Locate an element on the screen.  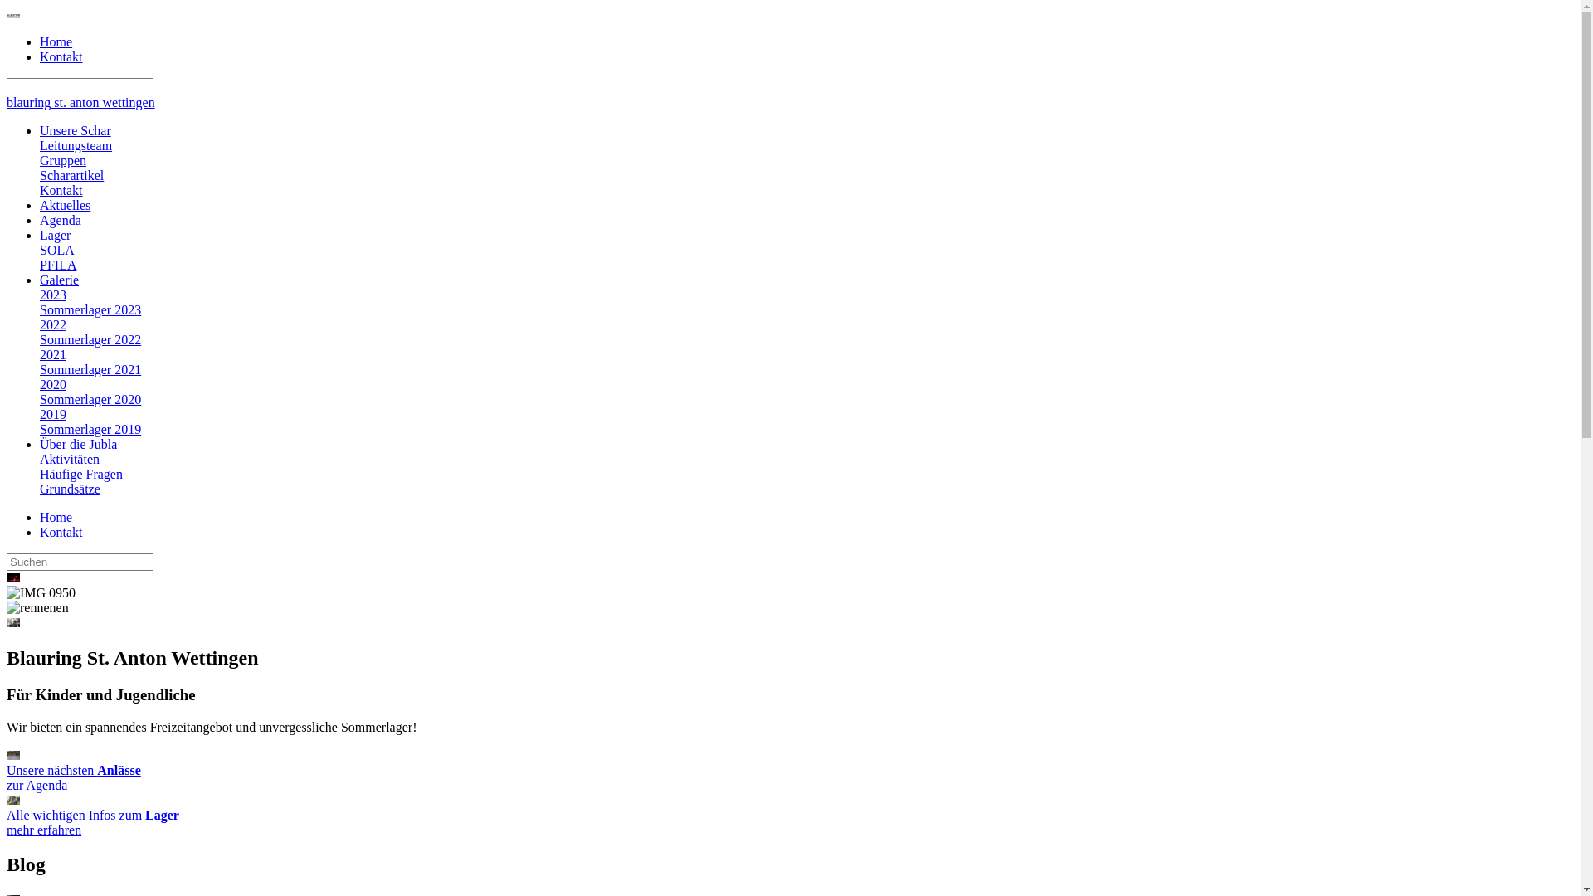
'2019' is located at coordinates (52, 413).